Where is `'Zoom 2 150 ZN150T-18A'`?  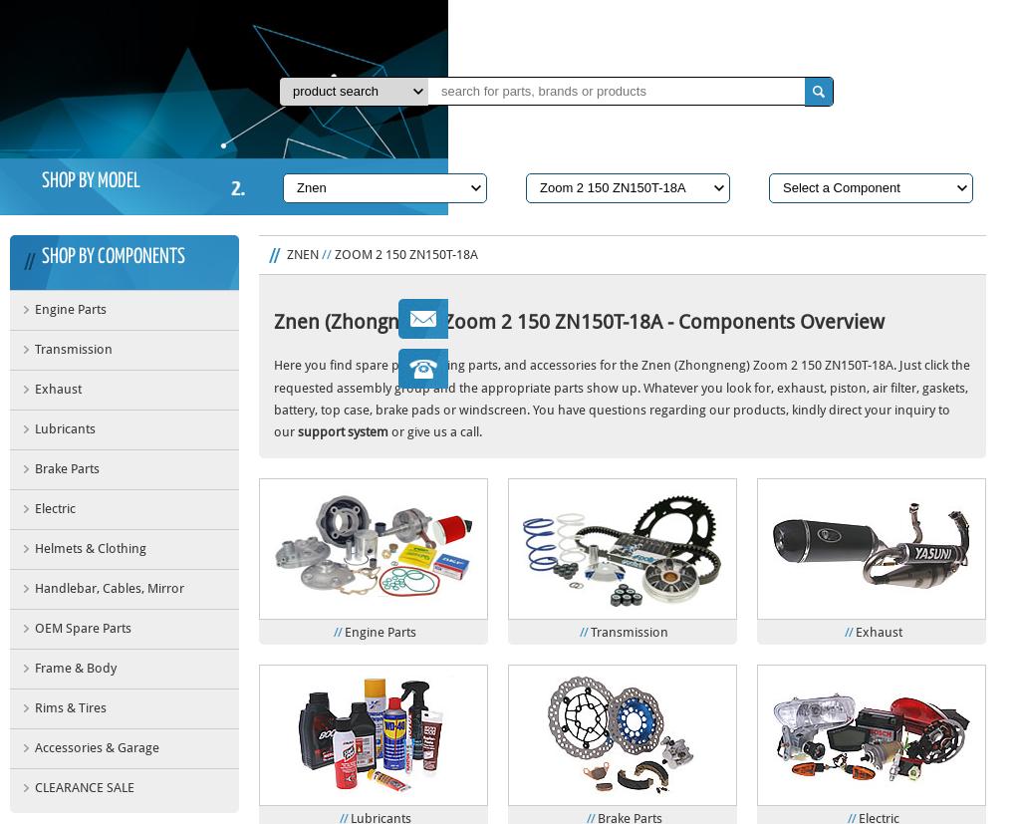 'Zoom 2 150 ZN150T-18A' is located at coordinates (404, 254).